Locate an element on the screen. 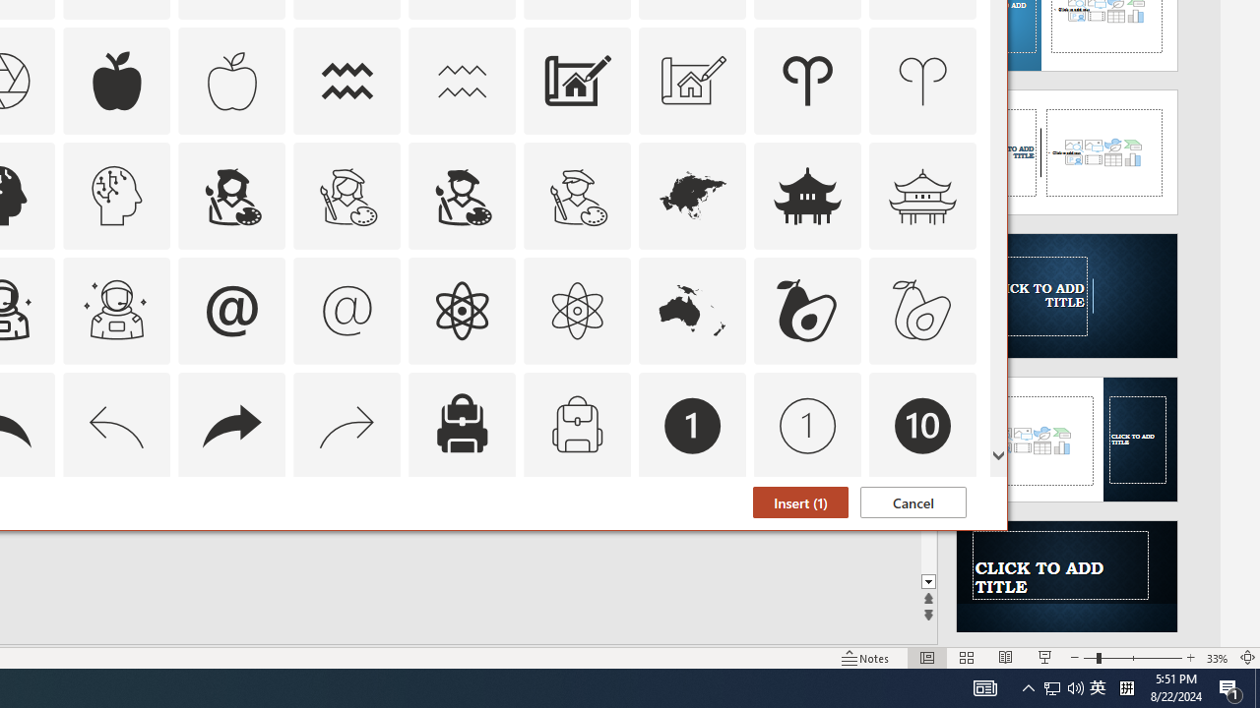 The height and width of the screenshot is (708, 1260). 'AutomationID: Icons_ArtificialIntelligence_M' is located at coordinates (116, 195).